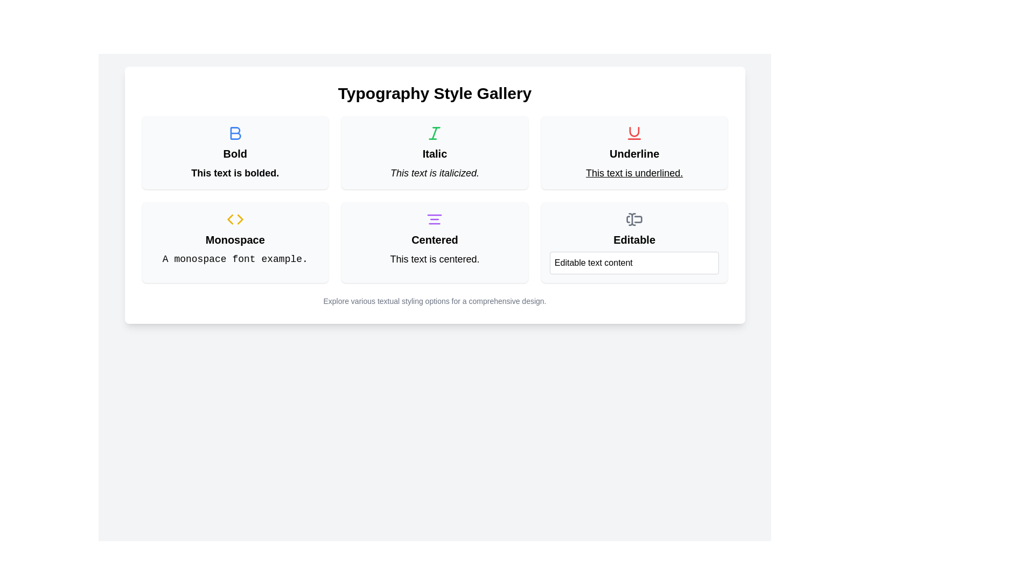 This screenshot has height=581, width=1034. Describe the element at coordinates (435, 301) in the screenshot. I see `the text label element that reads 'Explore various textual styling options for a comprehensive design.' located at the bottom of the card interface` at that location.